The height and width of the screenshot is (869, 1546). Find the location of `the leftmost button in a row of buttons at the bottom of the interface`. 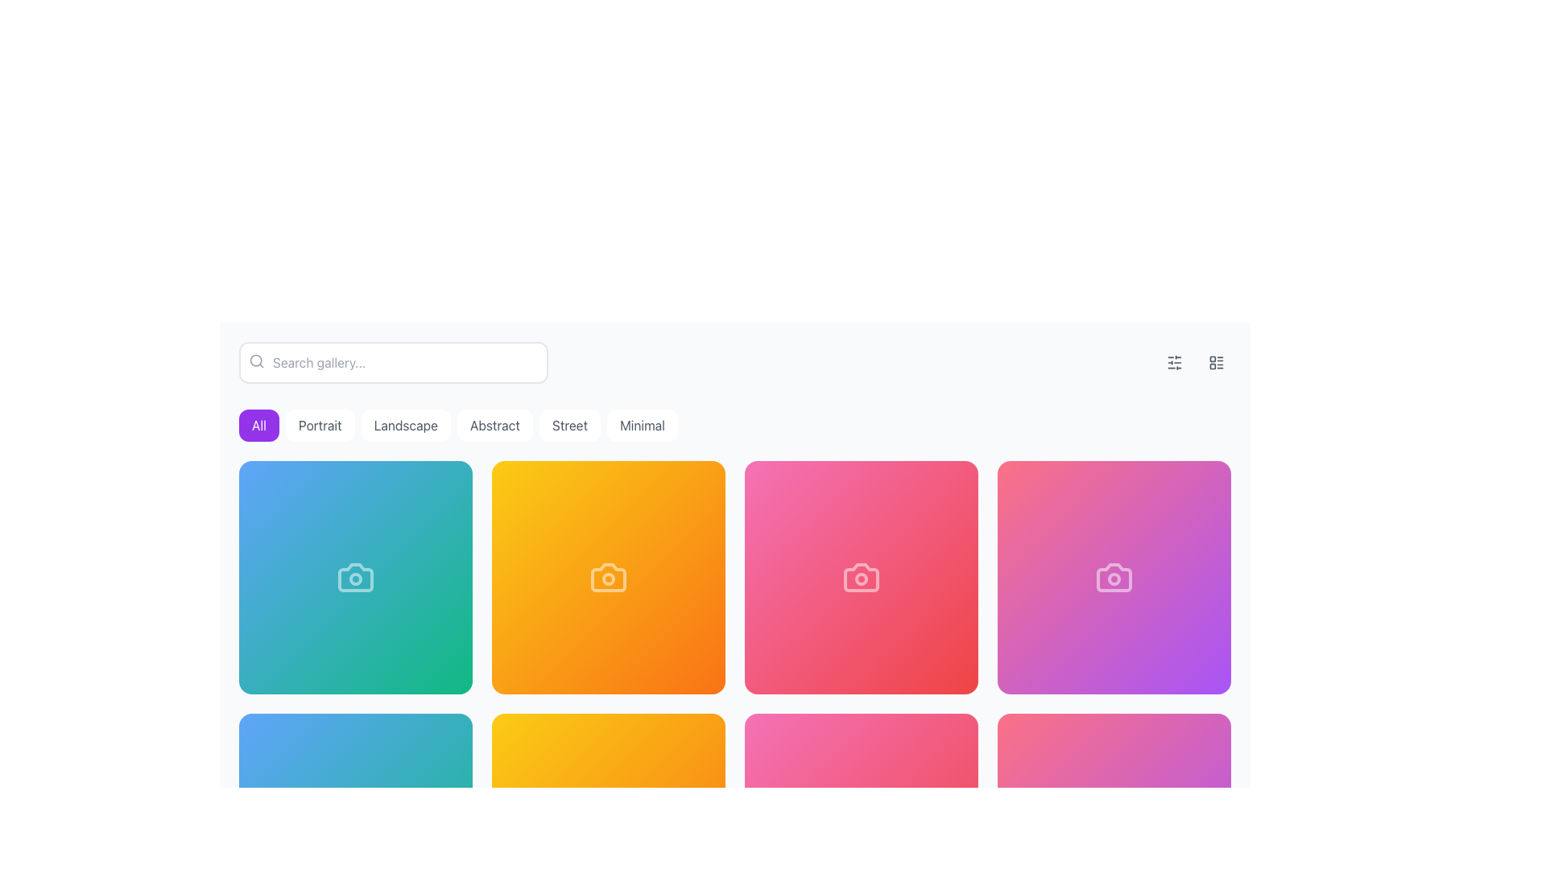

the leftmost button in a row of buttons at the bottom of the interface is located at coordinates (567, 830).